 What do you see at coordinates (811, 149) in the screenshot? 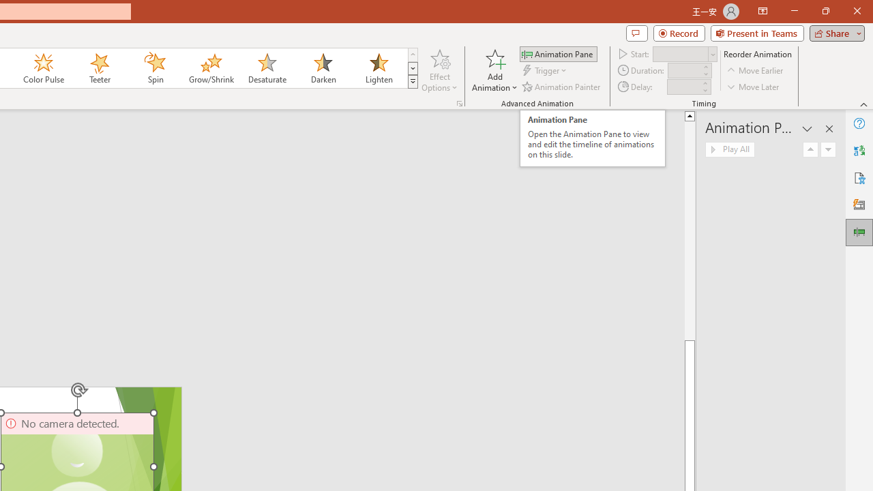
I see `'Move Up'` at bounding box center [811, 149].